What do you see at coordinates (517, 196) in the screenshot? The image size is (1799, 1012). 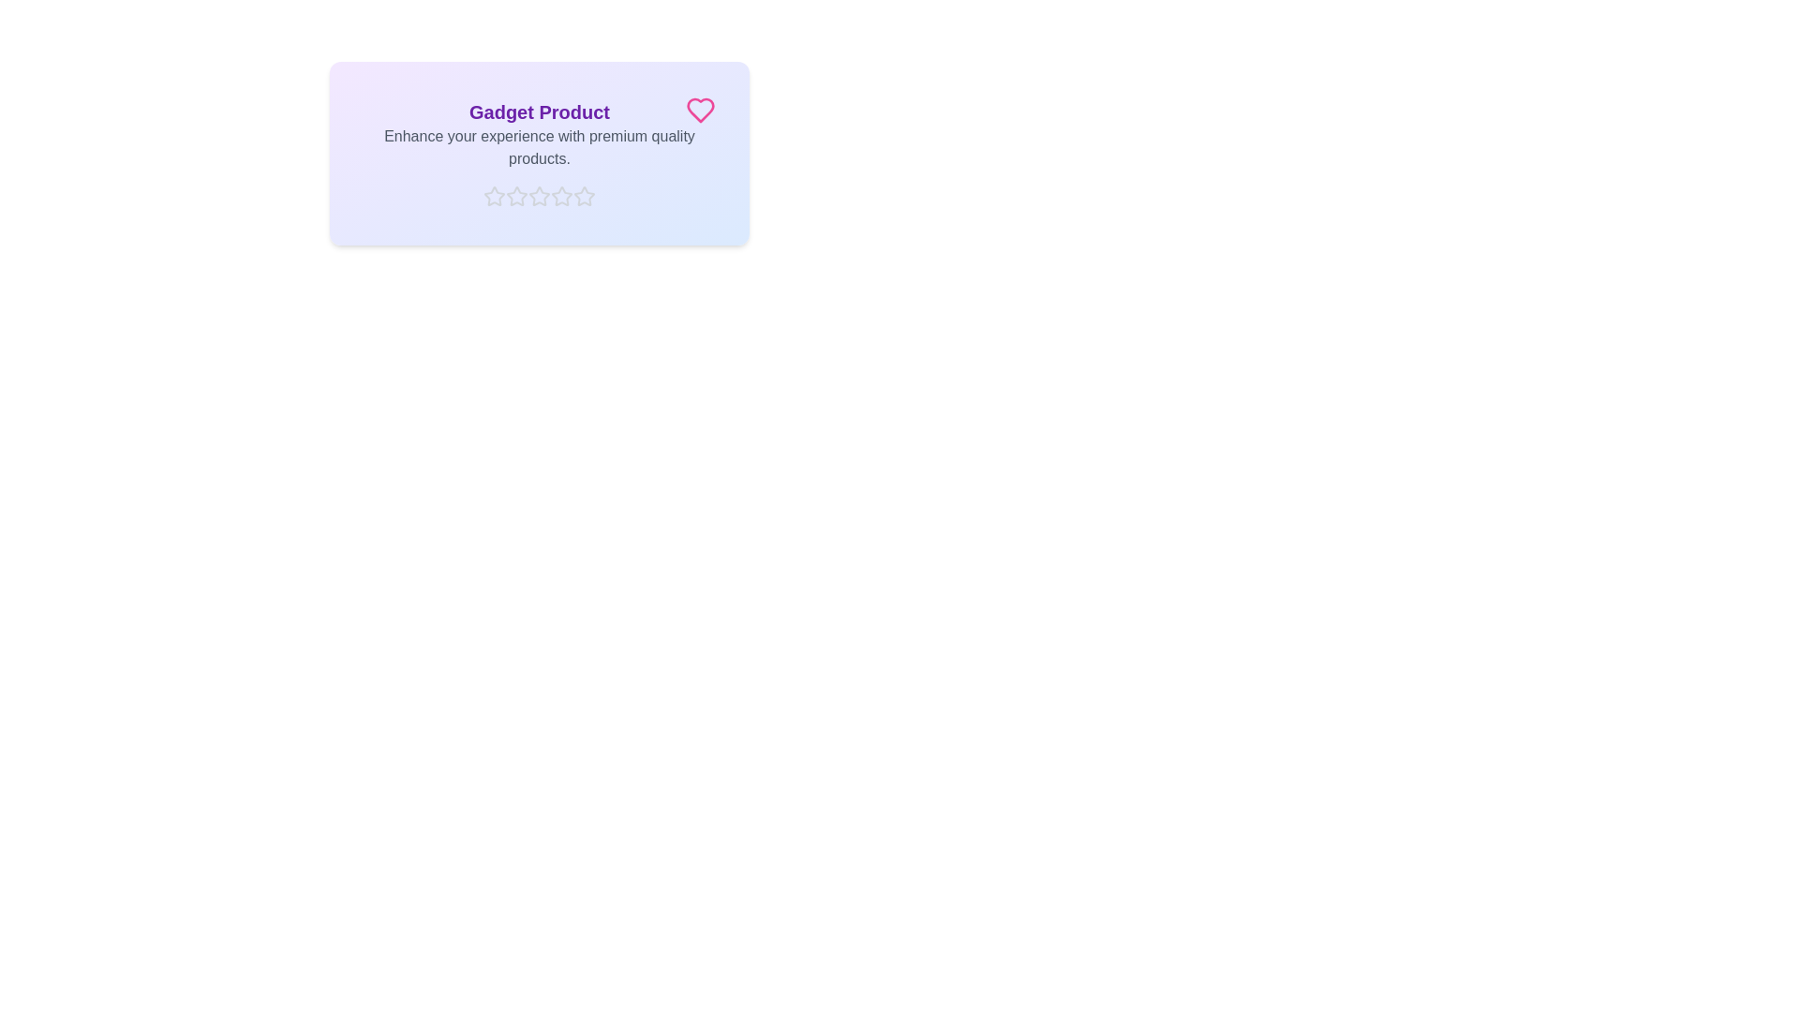 I see `the star corresponding to the rating 2` at bounding box center [517, 196].